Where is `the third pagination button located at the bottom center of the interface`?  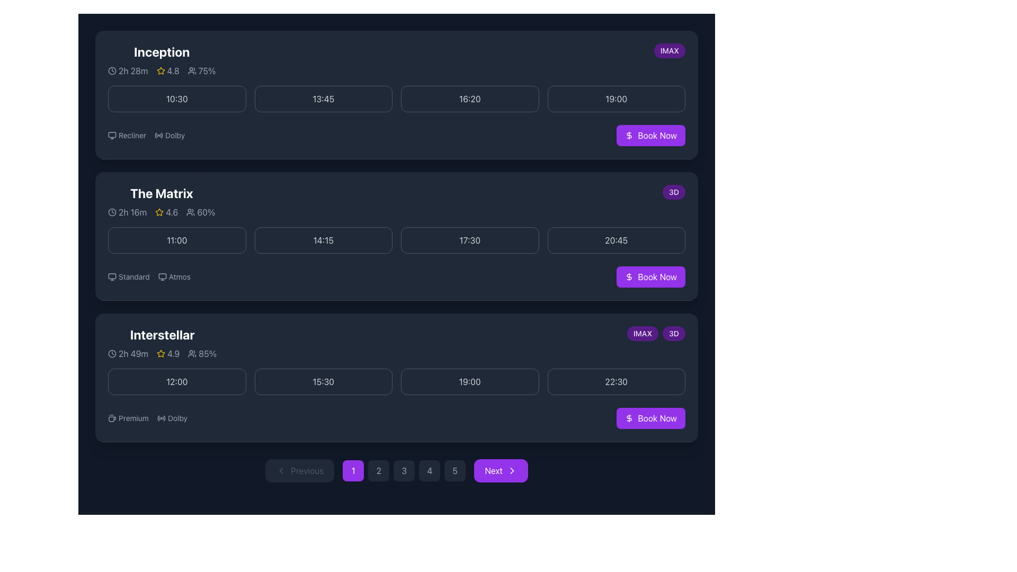 the third pagination button located at the bottom center of the interface is located at coordinates (396, 470).